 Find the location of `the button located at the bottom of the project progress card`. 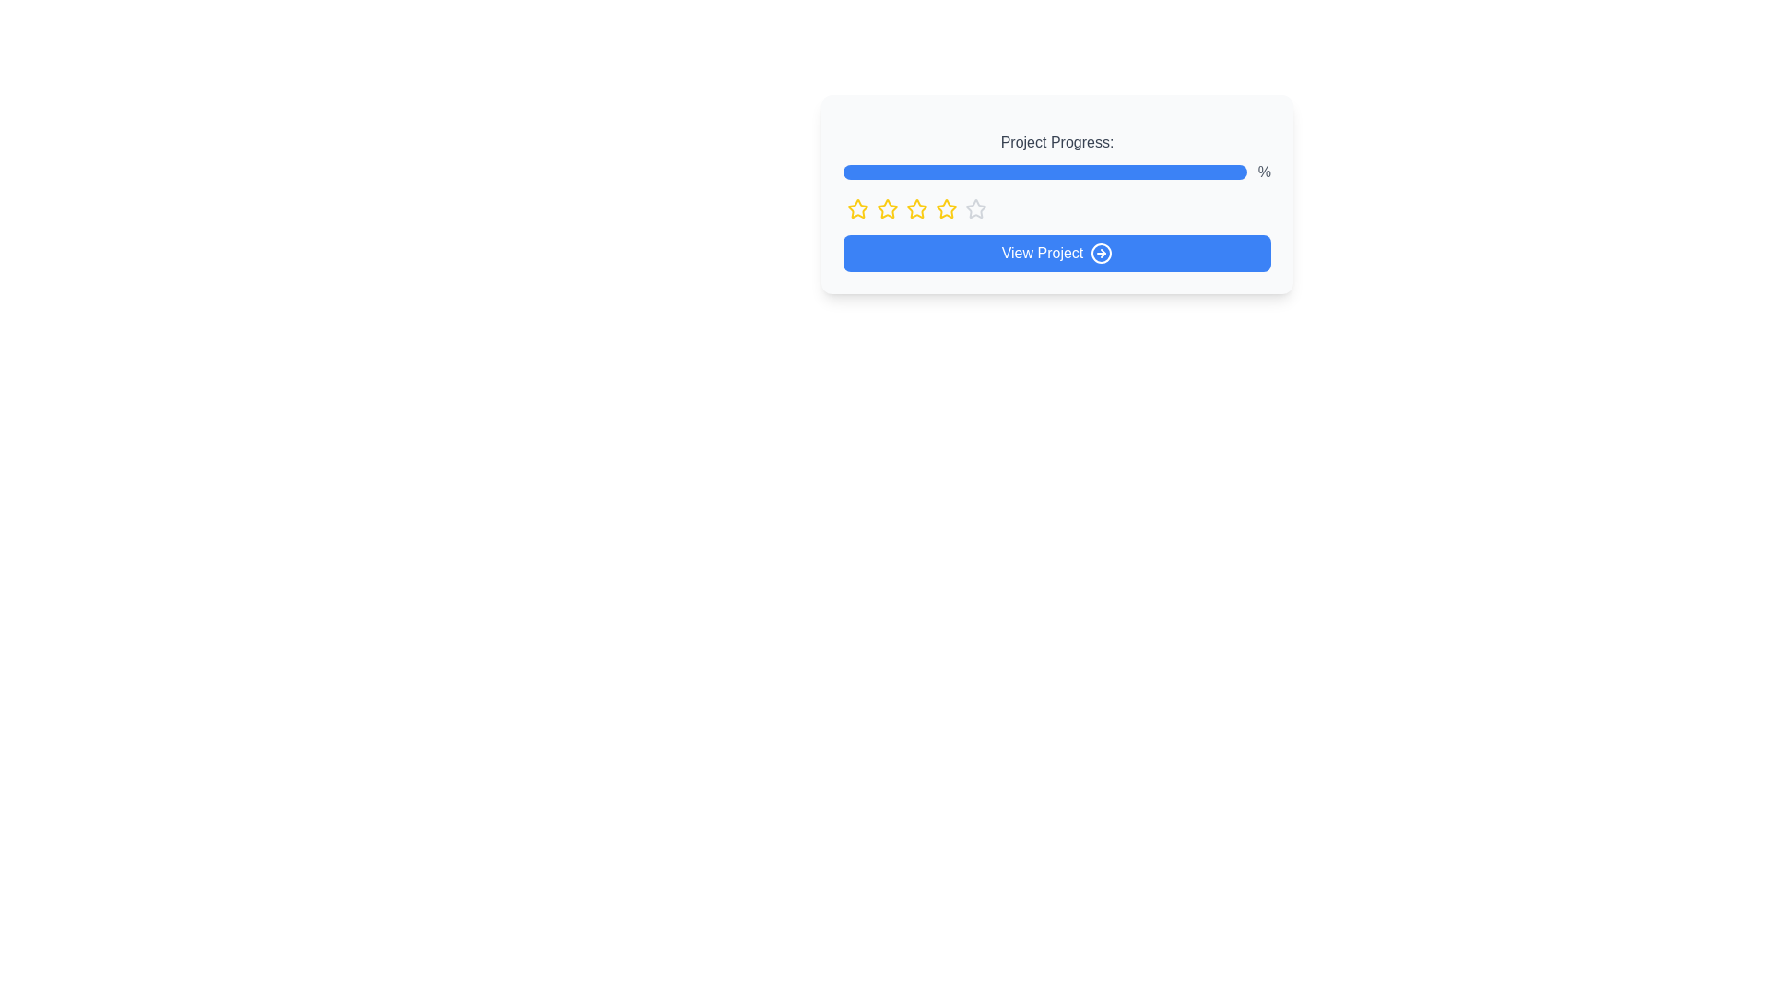

the button located at the bottom of the project progress card is located at coordinates (1057, 253).